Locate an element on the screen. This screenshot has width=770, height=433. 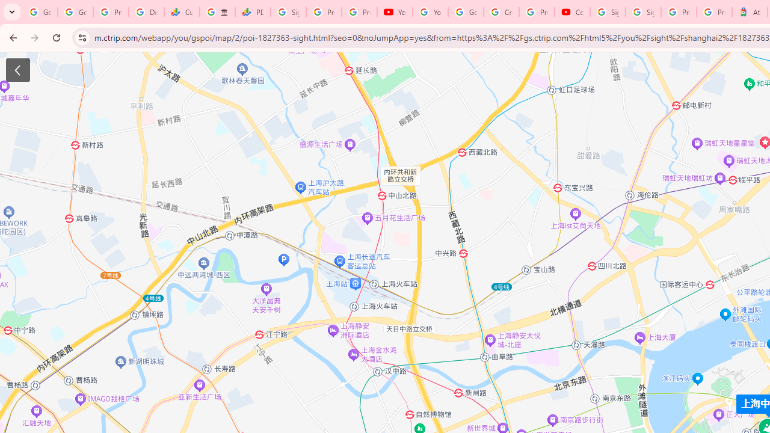
'Sign in - Google Accounts' is located at coordinates (608, 12).